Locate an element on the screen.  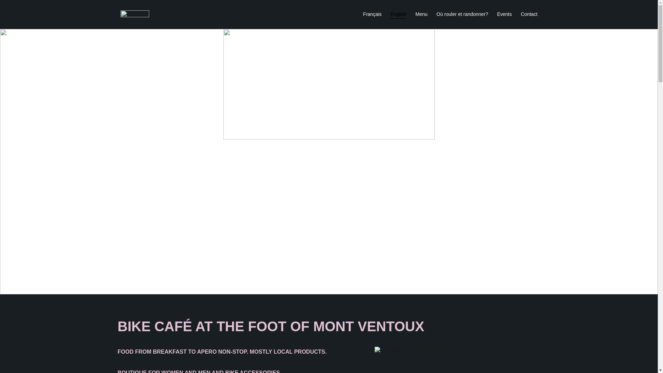
'Go to Facebook page' is located at coordinates (138, 261).